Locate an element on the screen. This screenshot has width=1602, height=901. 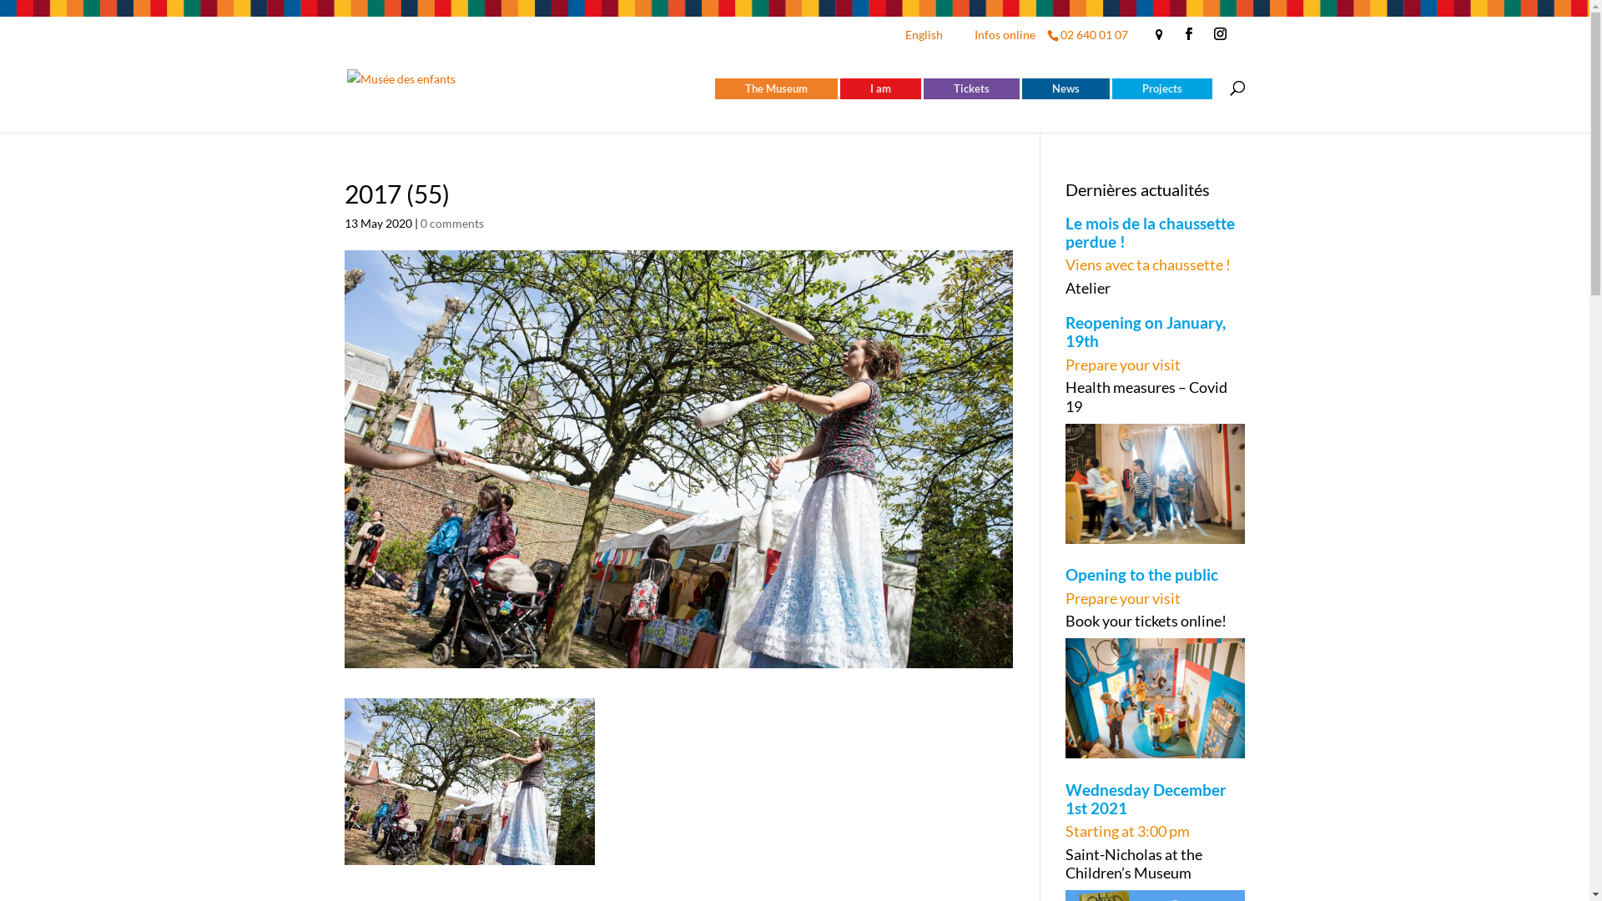
'0 comments' is located at coordinates (452, 221).